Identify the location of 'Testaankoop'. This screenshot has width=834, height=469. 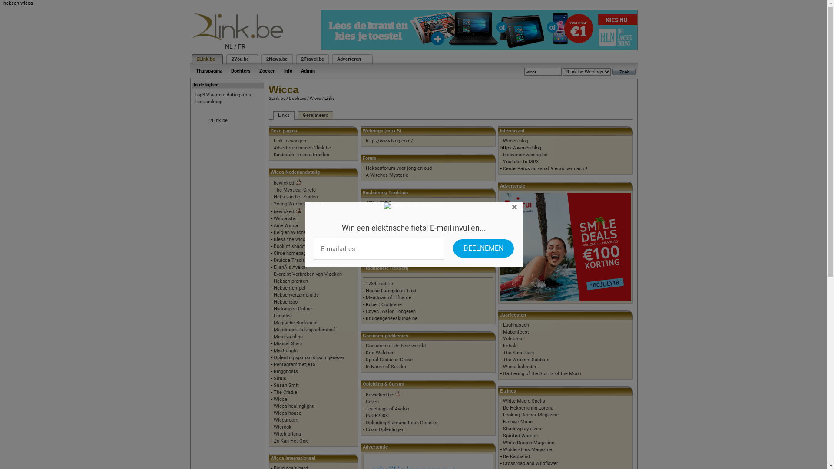
(208, 101).